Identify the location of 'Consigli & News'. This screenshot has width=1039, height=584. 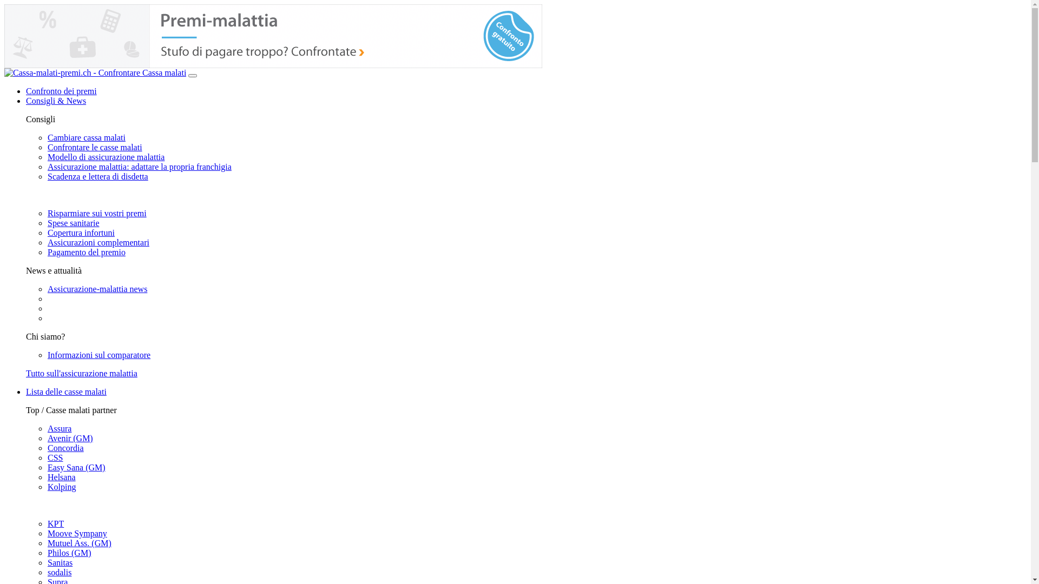
(55, 101).